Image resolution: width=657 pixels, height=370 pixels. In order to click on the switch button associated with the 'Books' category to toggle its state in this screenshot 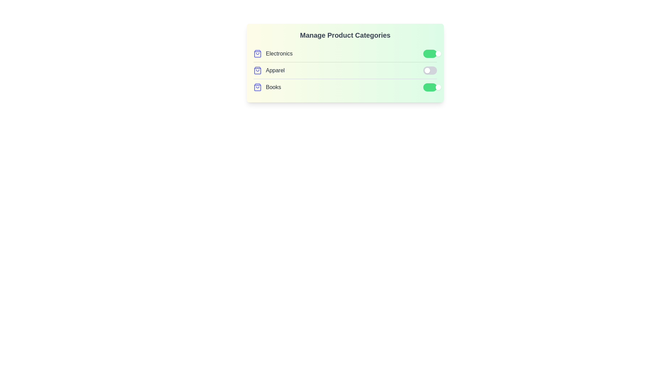, I will do `click(430, 87)`.